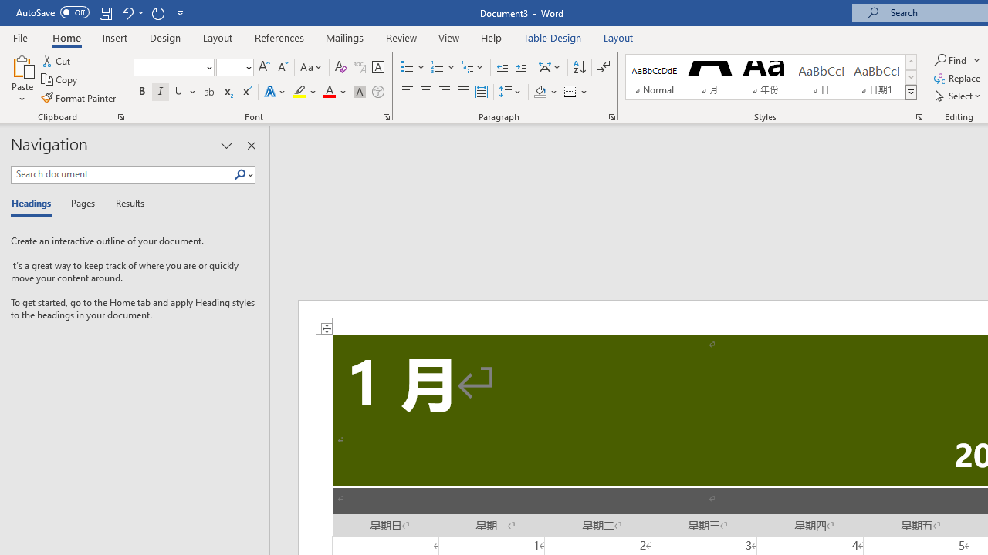  I want to click on 'Undo Italic', so click(127, 12).